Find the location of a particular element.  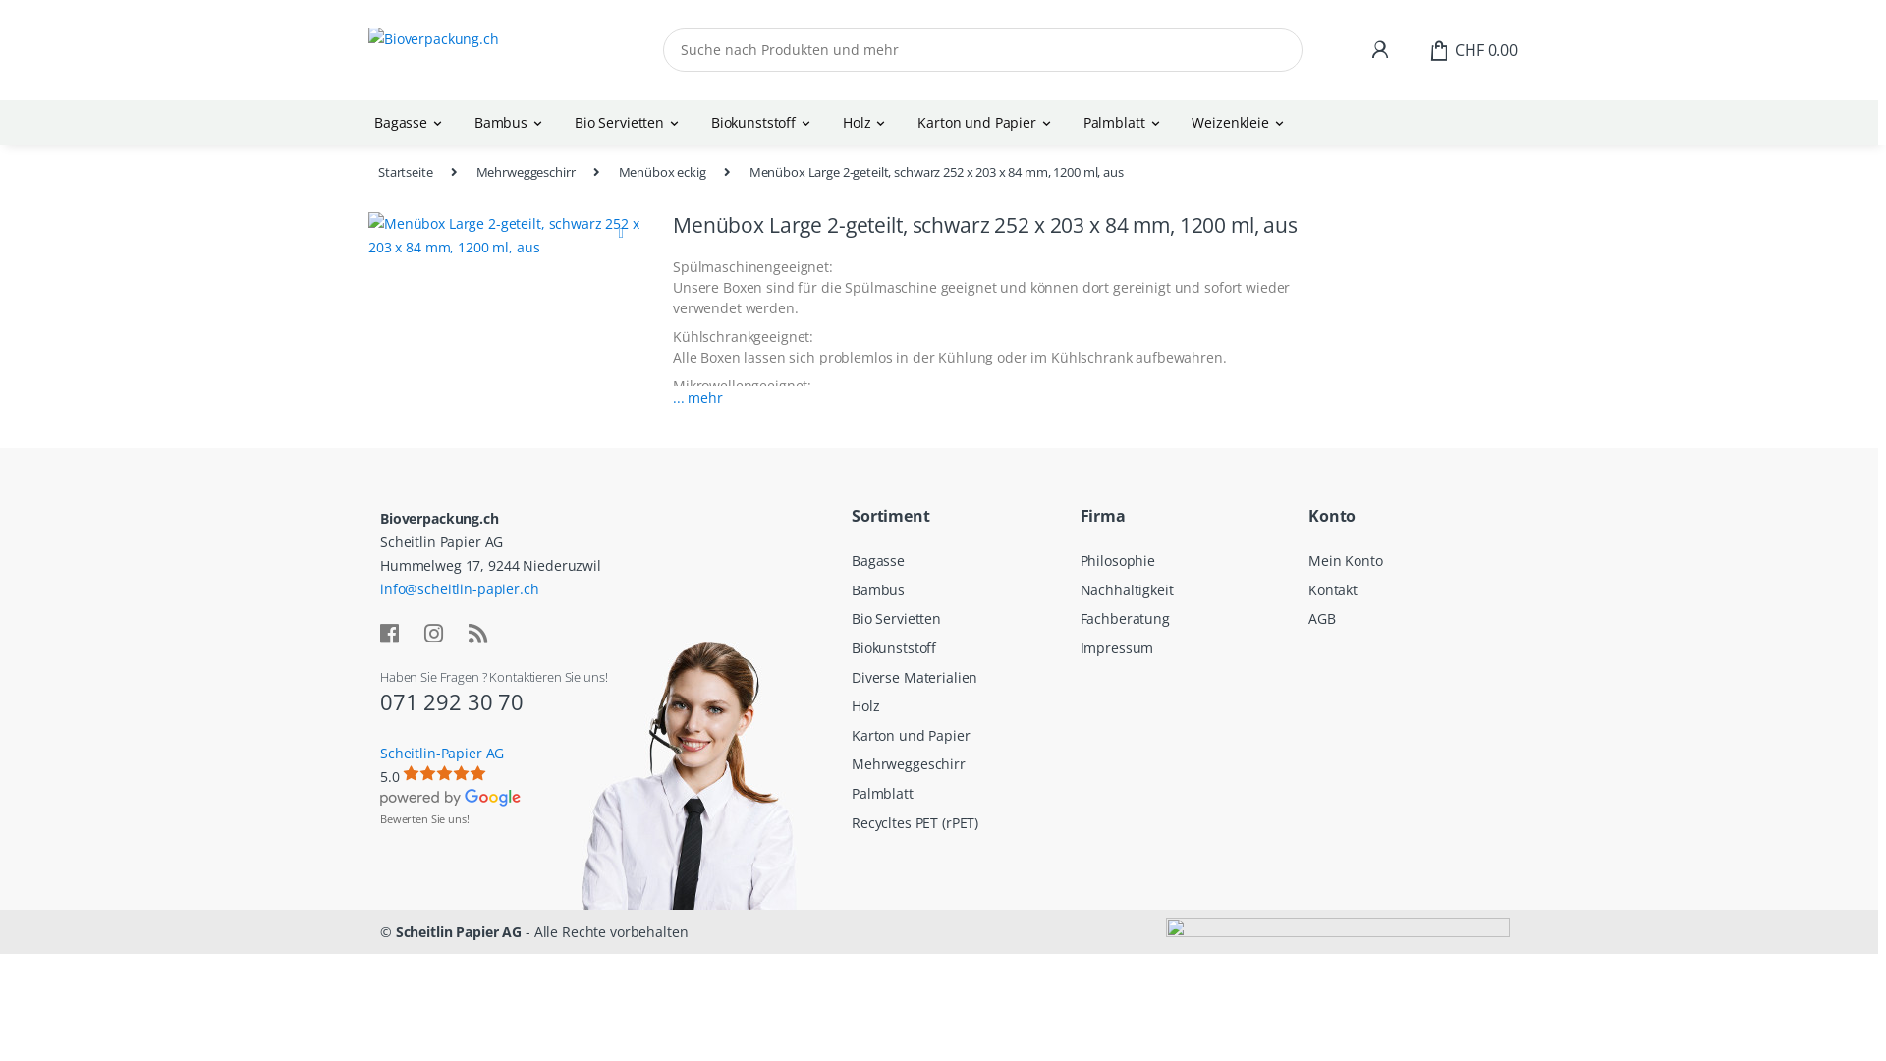

'Mein Konto' is located at coordinates (1307, 560).